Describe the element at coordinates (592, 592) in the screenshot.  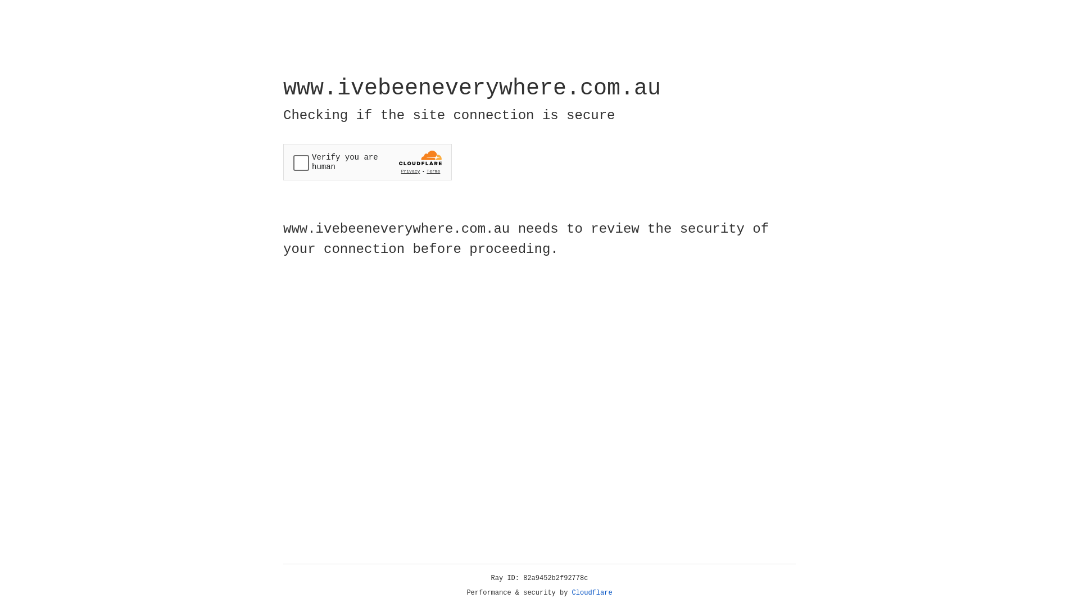
I see `'Cloudflare'` at that location.